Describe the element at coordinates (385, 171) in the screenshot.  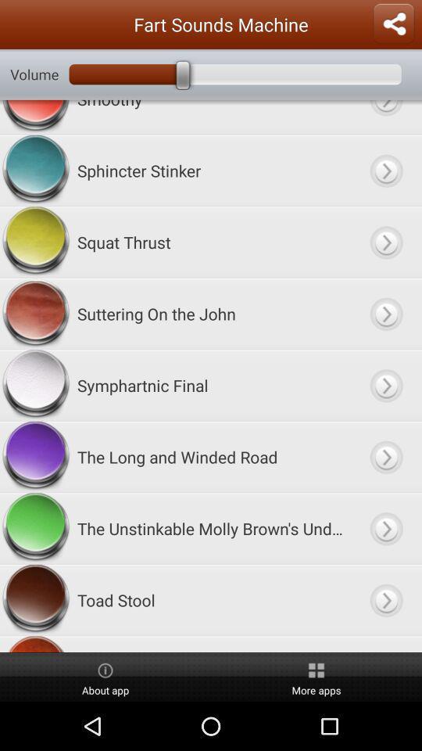
I see `sphincter stinker item` at that location.